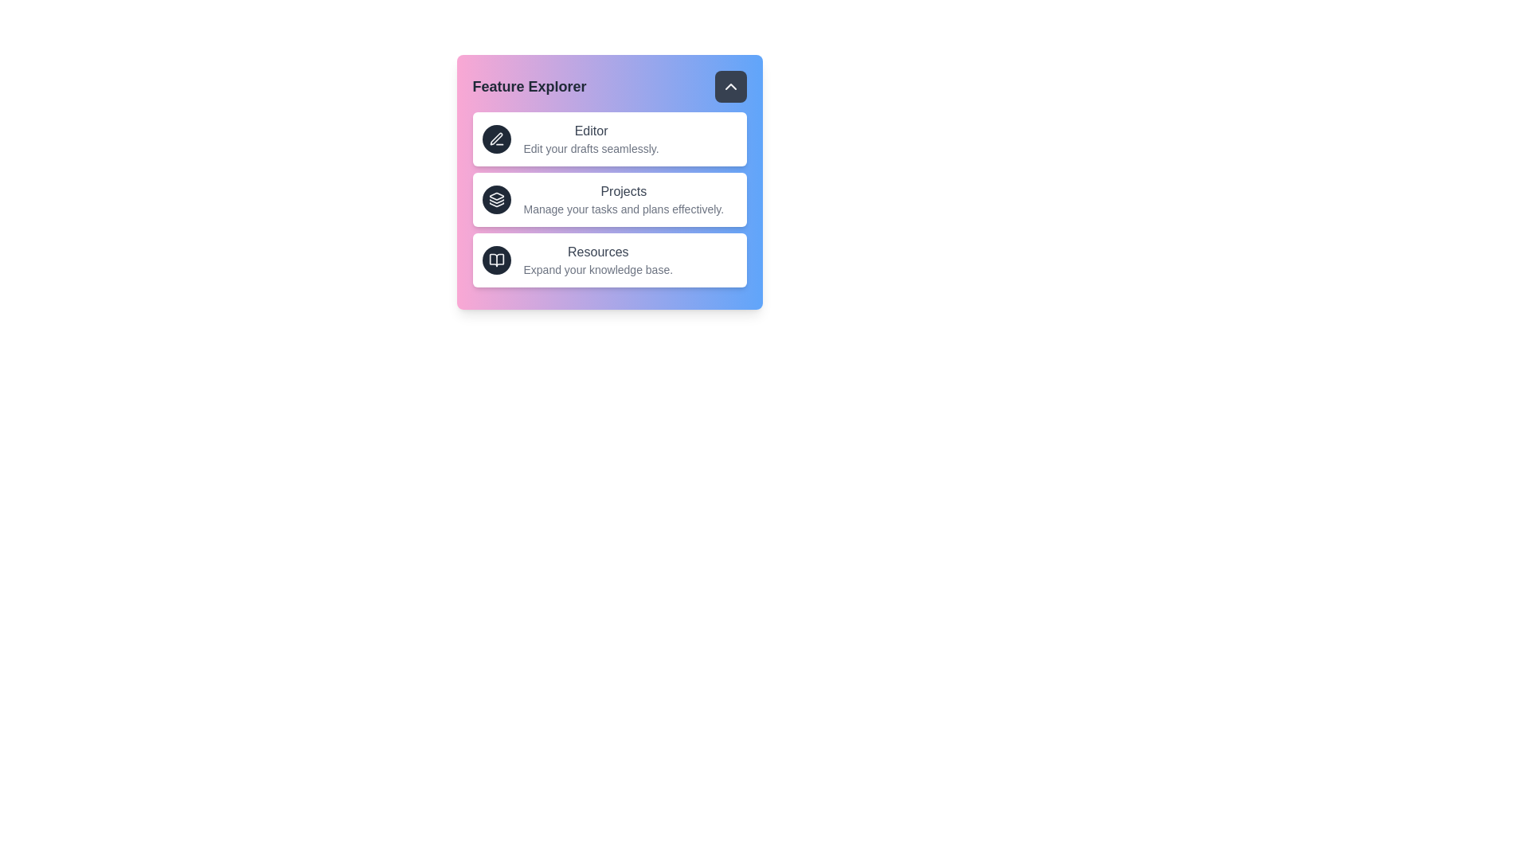 This screenshot has width=1529, height=860. What do you see at coordinates (608, 260) in the screenshot?
I see `the menu item Resources from the interactive menu` at bounding box center [608, 260].